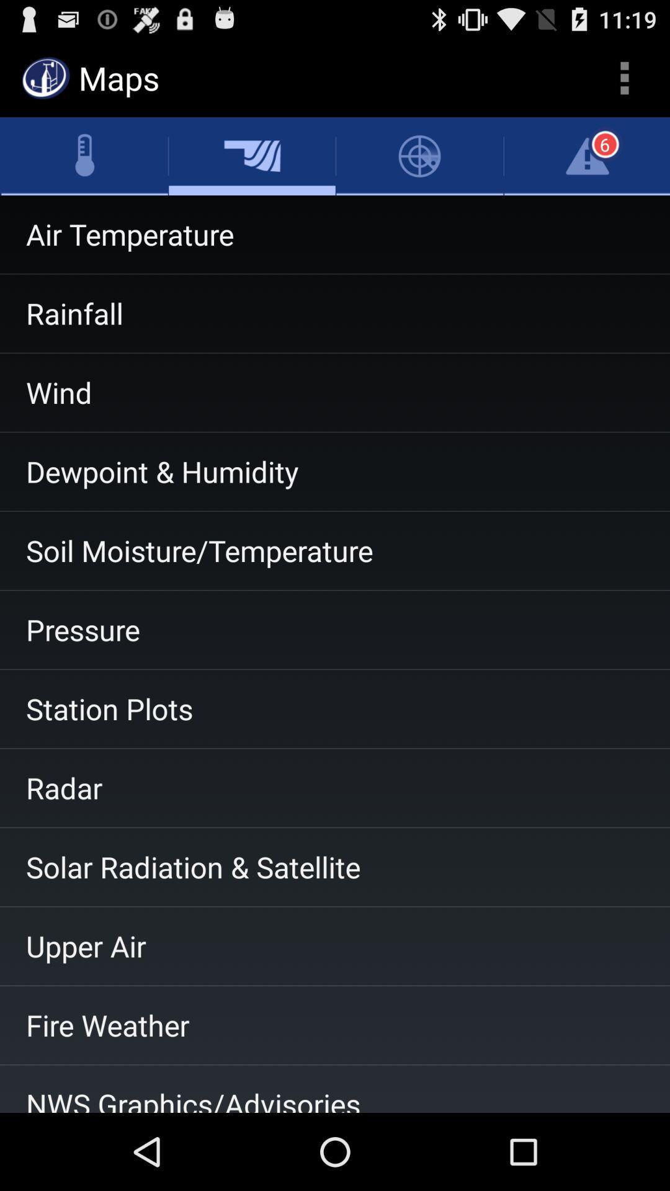 This screenshot has width=670, height=1191. Describe the element at coordinates (335, 1088) in the screenshot. I see `app below the fire weather app` at that location.